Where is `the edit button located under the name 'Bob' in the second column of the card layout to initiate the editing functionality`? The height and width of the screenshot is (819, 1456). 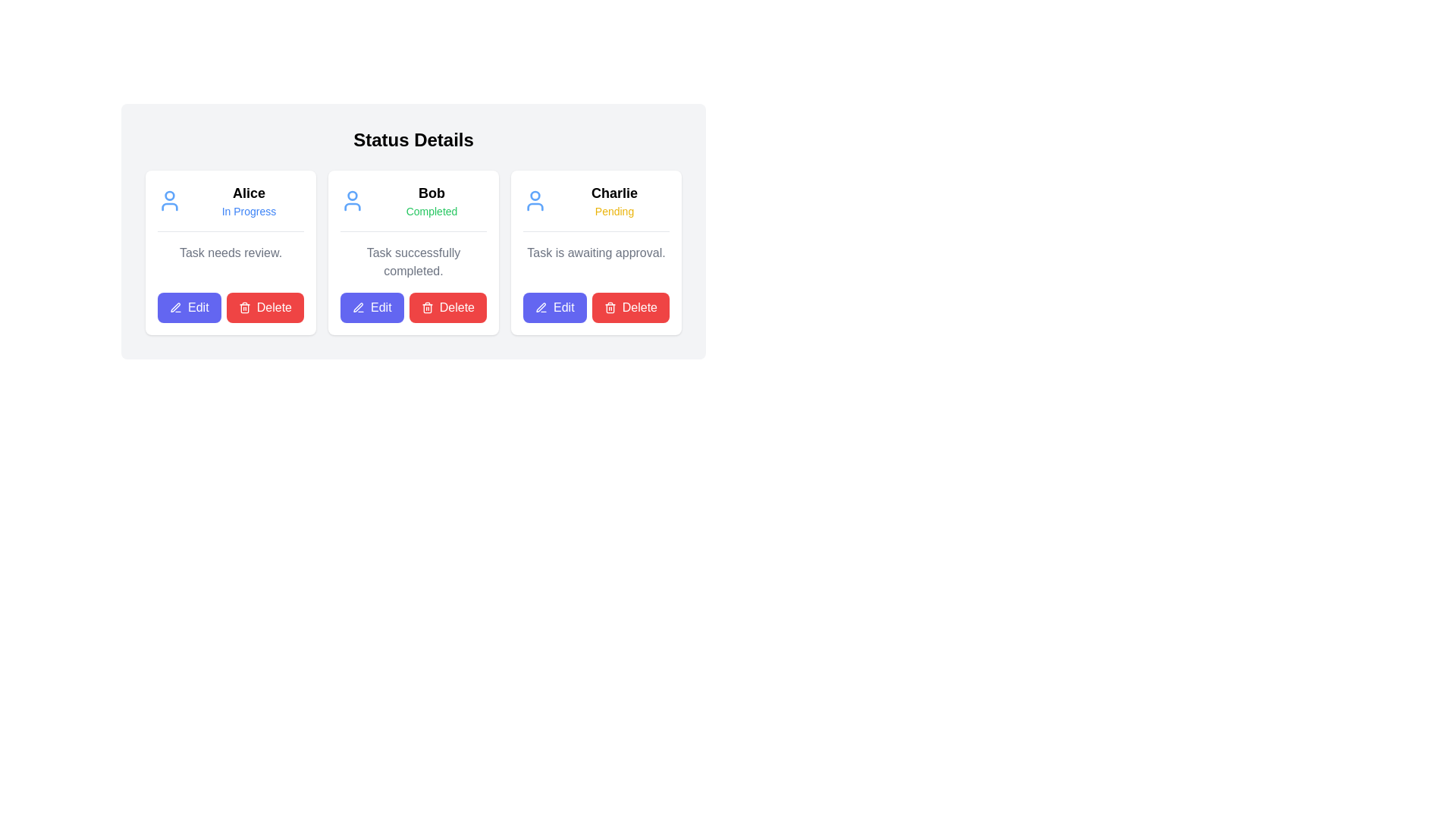
the edit button located under the name 'Bob' in the second column of the card layout to initiate the editing functionality is located at coordinates (372, 307).